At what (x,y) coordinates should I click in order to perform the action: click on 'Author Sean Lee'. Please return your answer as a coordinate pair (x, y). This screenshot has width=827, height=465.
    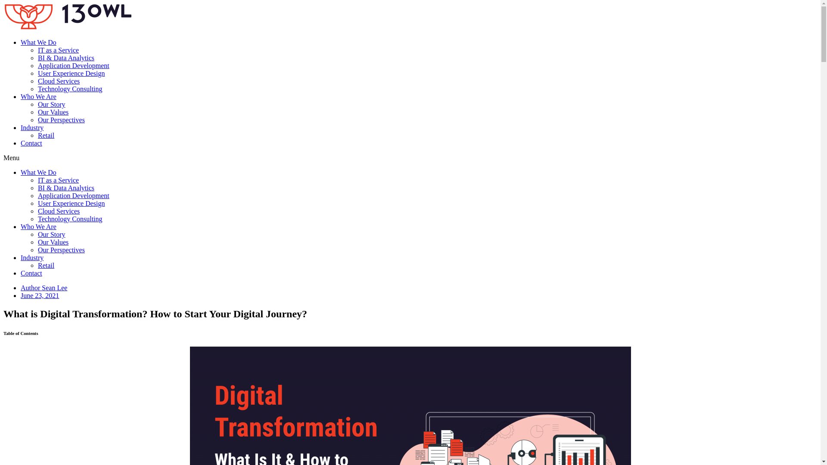
    Looking at the image, I should click on (43, 288).